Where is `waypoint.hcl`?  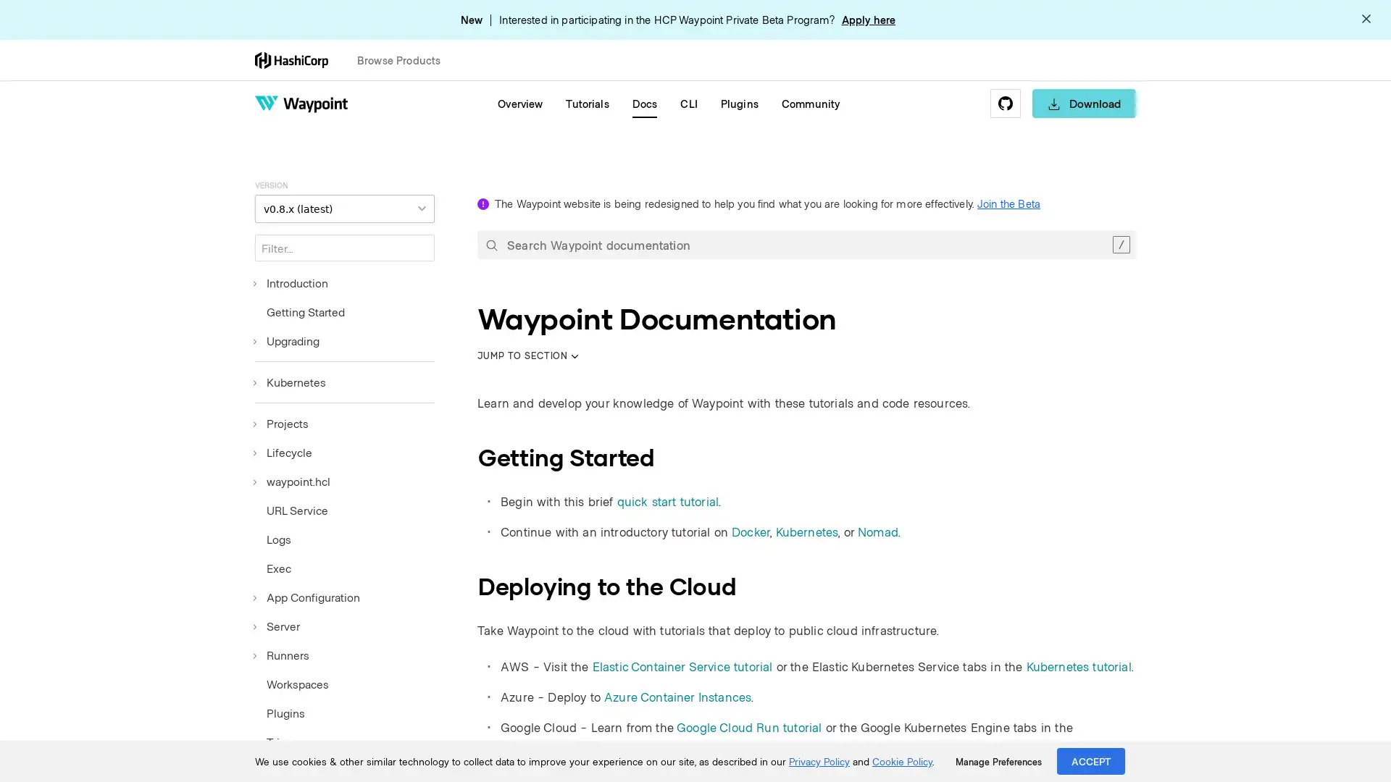 waypoint.hcl is located at coordinates (291, 481).